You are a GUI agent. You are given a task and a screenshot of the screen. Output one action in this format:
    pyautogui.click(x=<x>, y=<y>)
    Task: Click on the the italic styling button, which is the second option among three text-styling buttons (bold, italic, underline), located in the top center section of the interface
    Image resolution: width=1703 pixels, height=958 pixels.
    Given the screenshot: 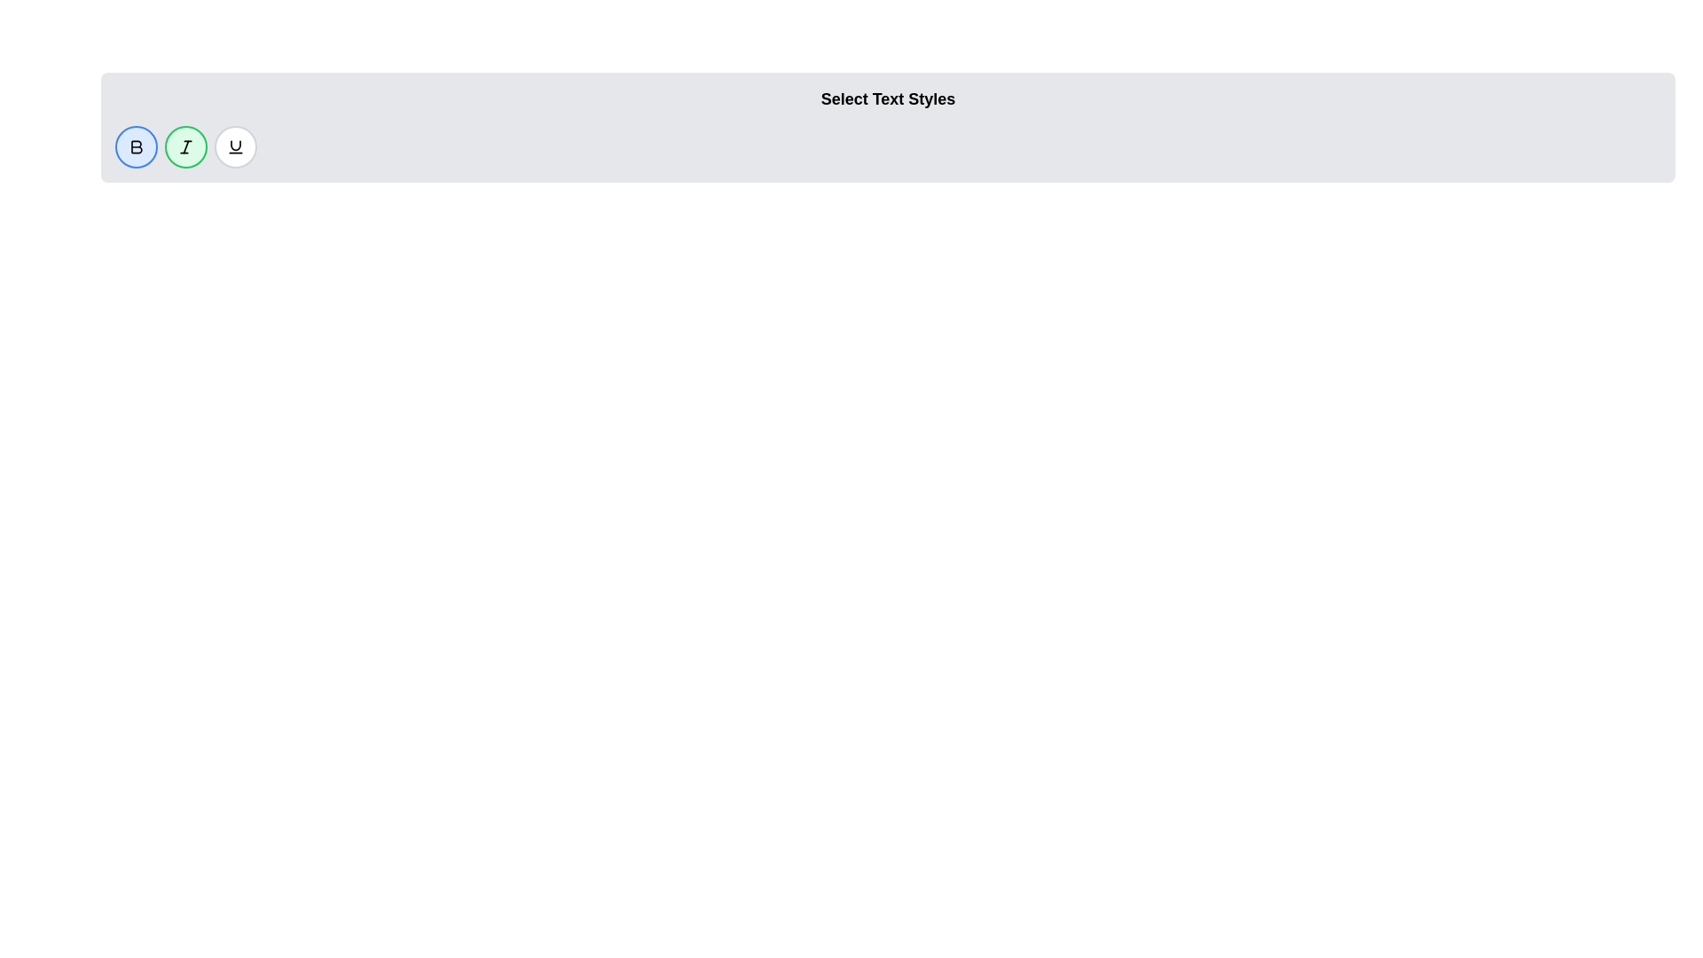 What is the action you would take?
    pyautogui.click(x=186, y=145)
    